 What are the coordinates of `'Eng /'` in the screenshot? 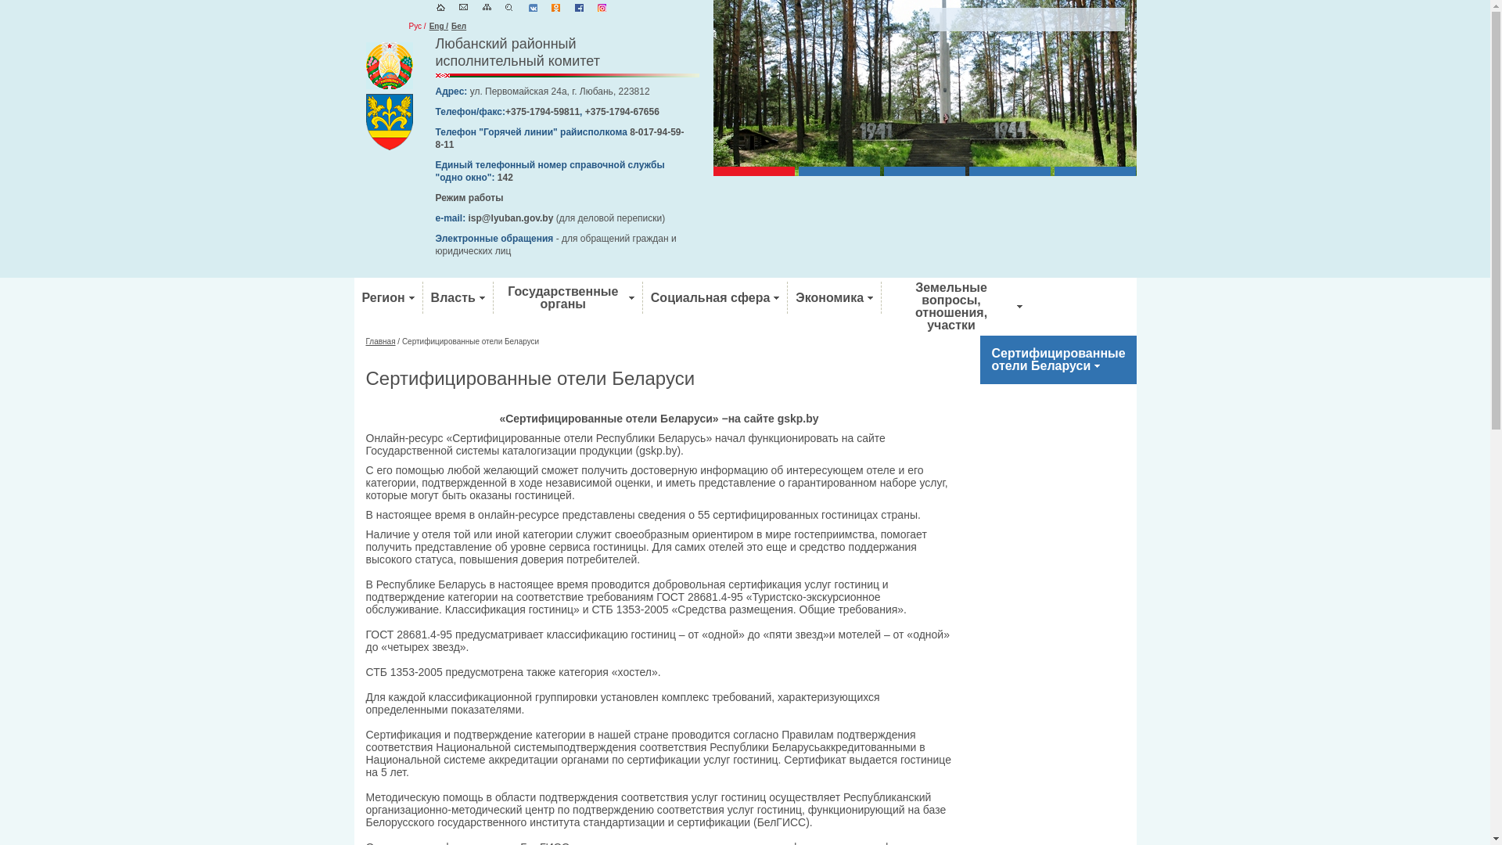 It's located at (438, 26).